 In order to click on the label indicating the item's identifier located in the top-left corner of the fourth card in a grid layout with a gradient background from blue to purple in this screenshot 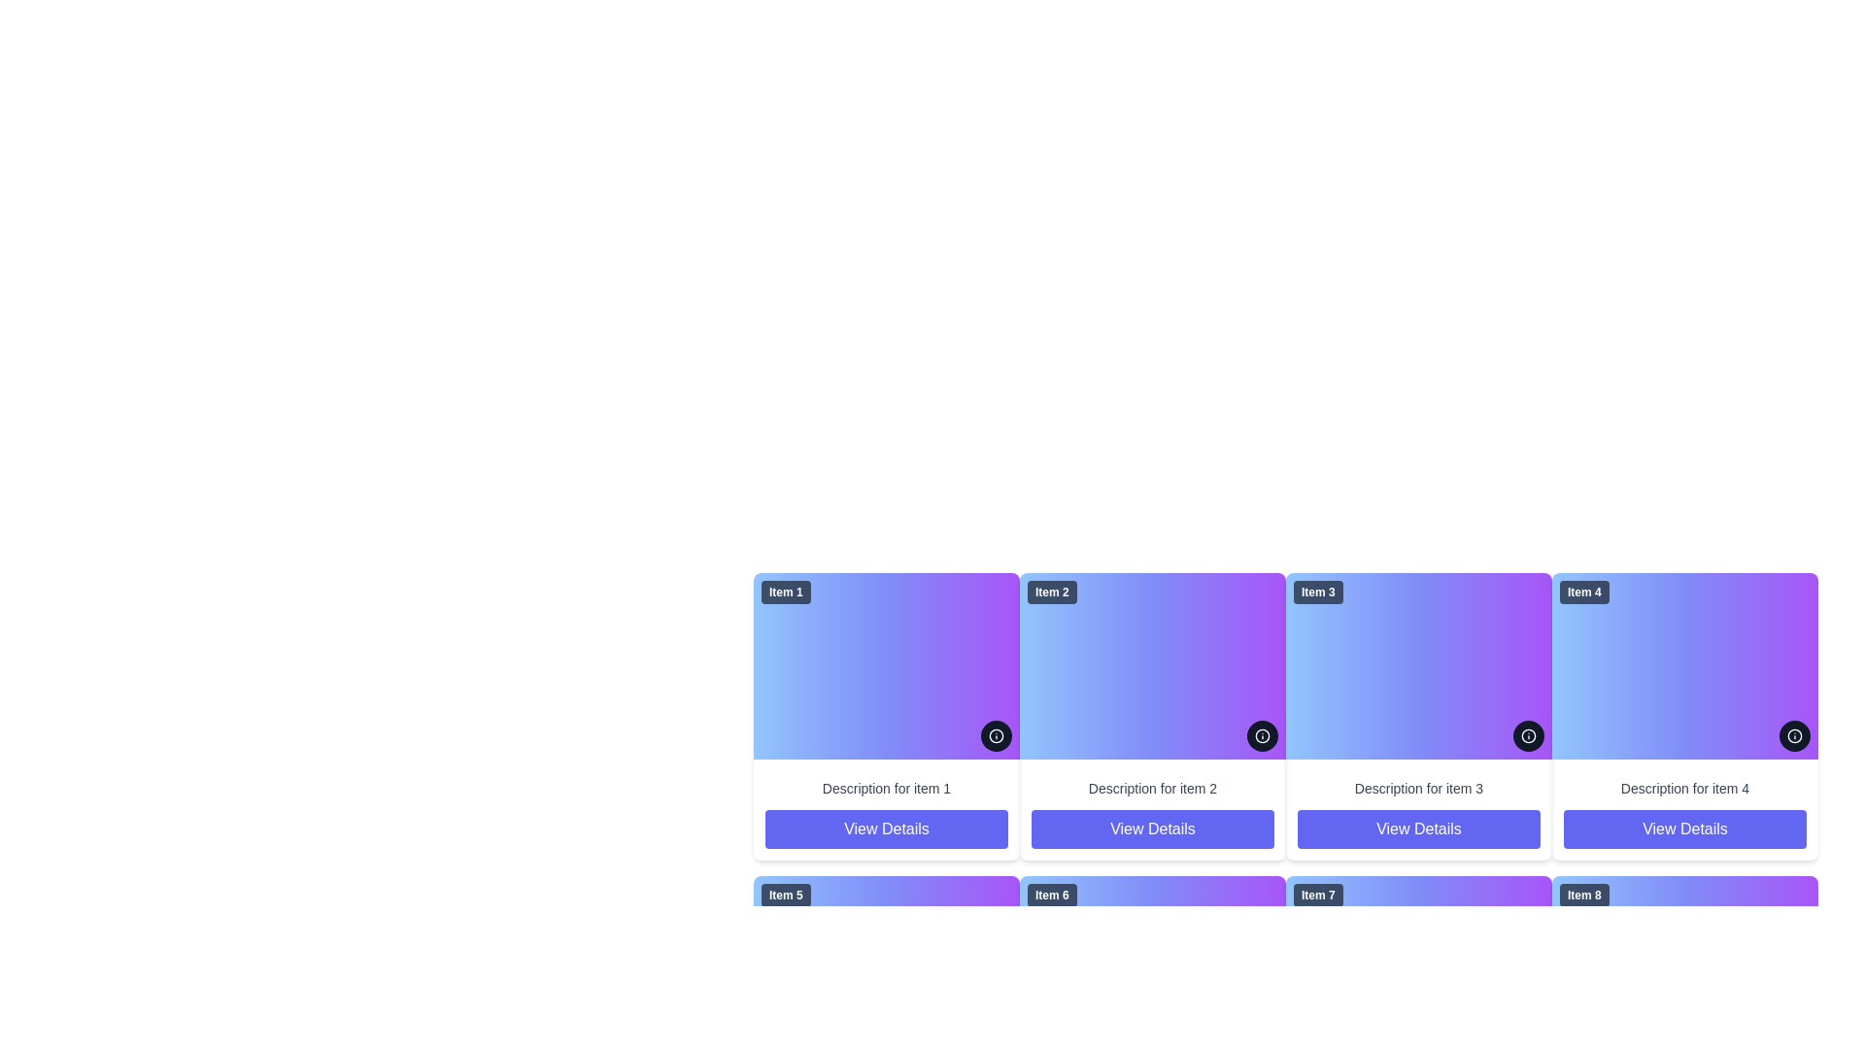, I will do `click(1584, 591)`.